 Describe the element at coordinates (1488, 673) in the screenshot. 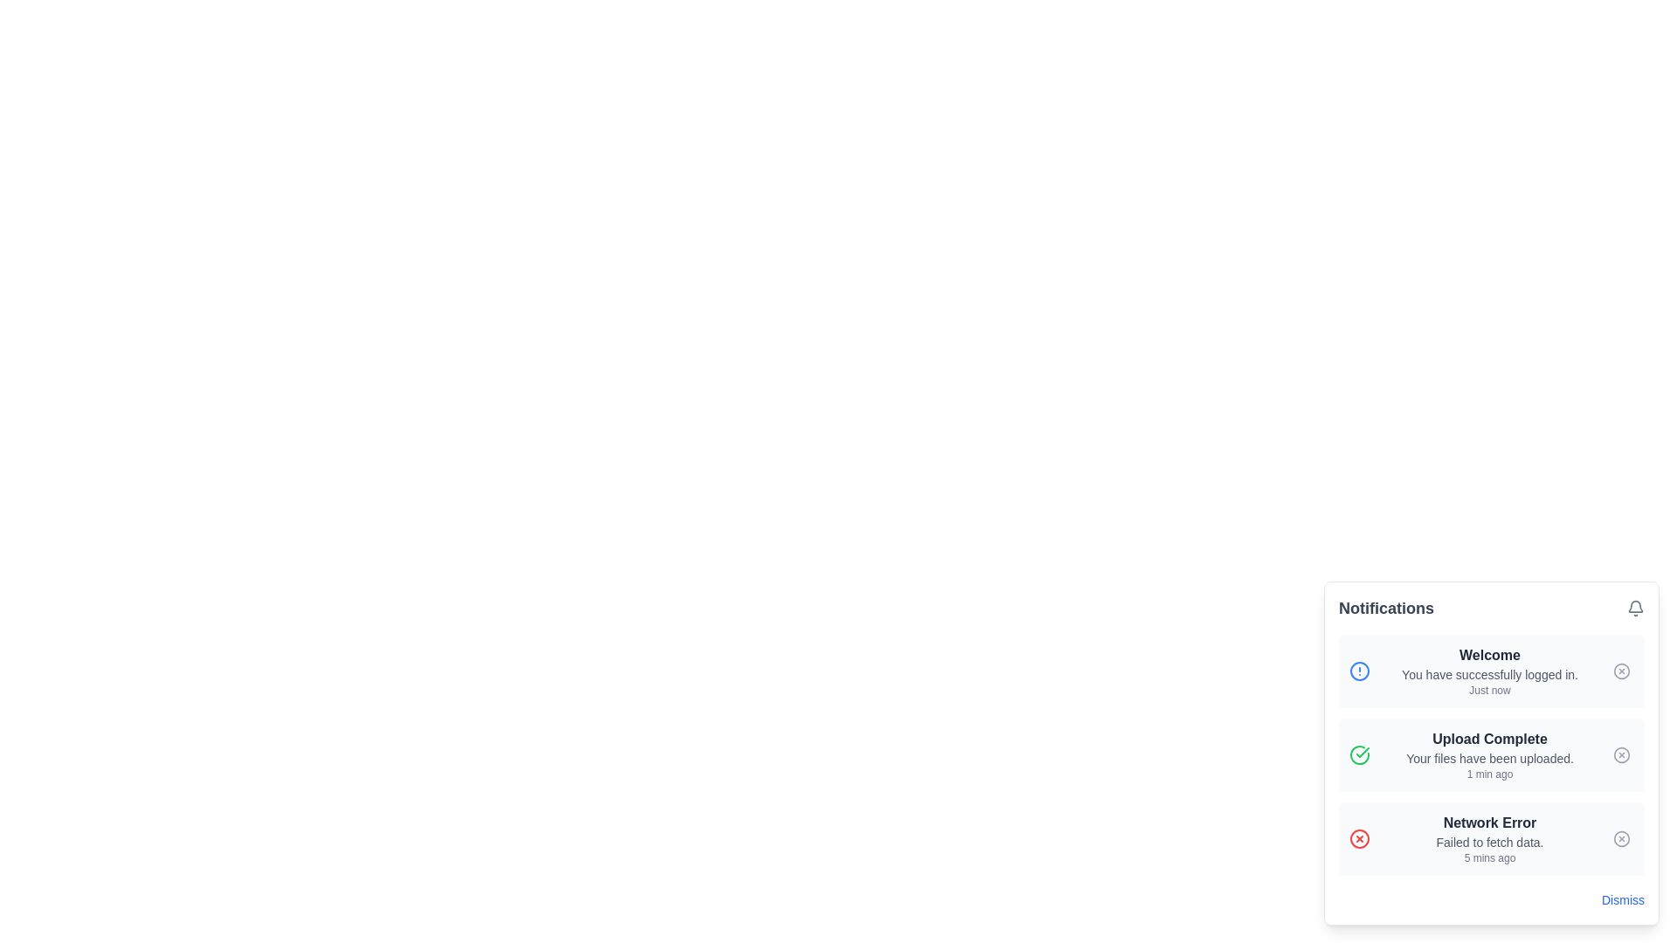

I see `the status message indicating successful login, which is located below the 'Welcome' heading and above the 'Just now' timestamp` at that location.